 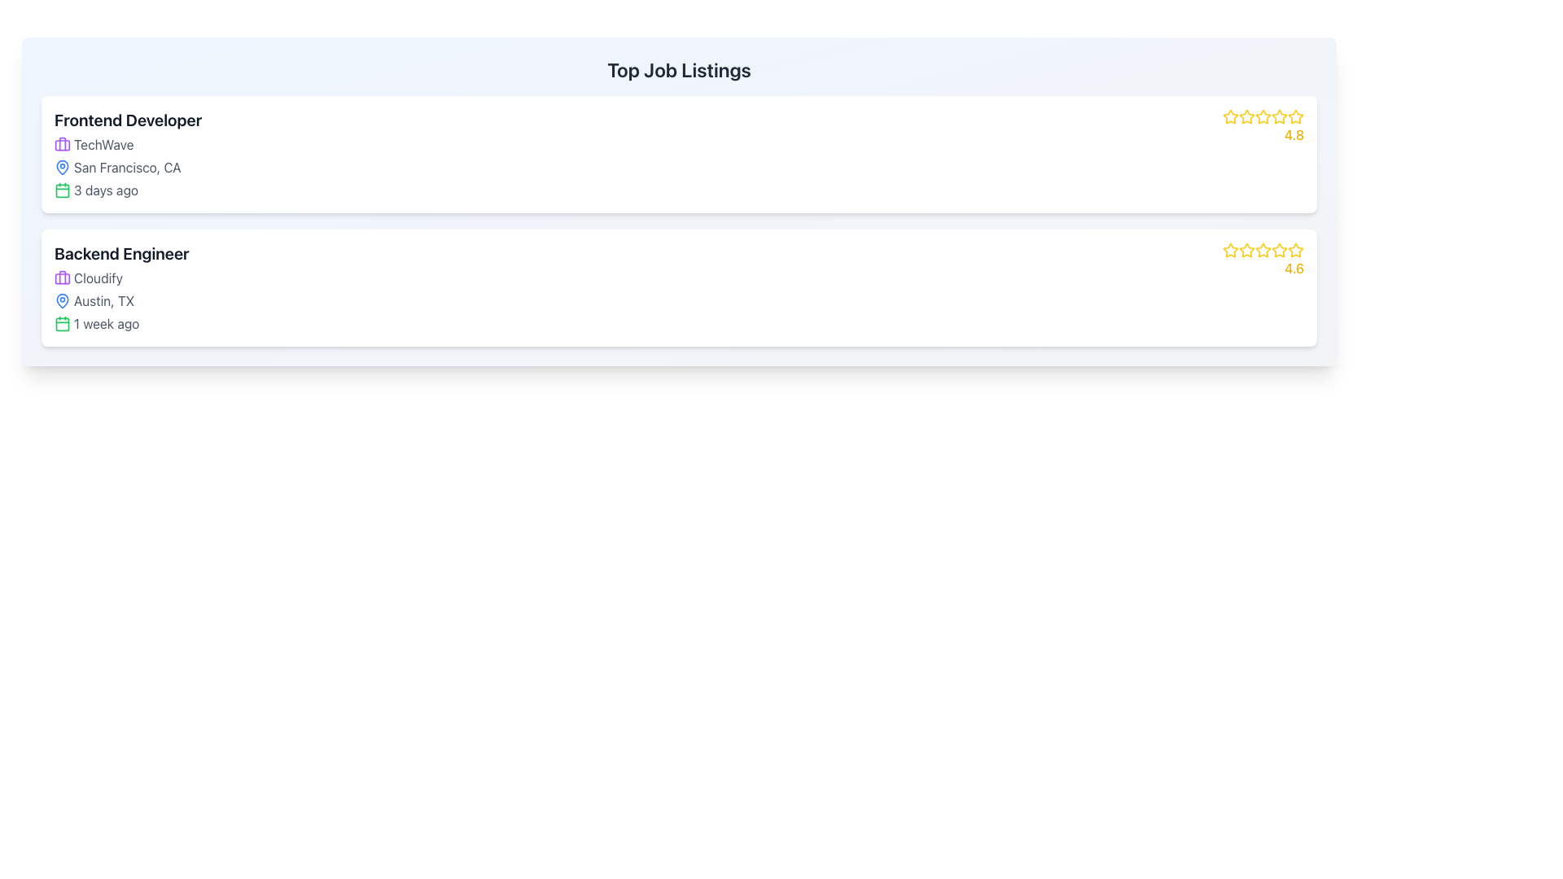 I want to click on the Text label displaying the company name associated with the job posting for 'Frontend Developer', positioned under the job title and above the location details, so click(x=127, y=143).